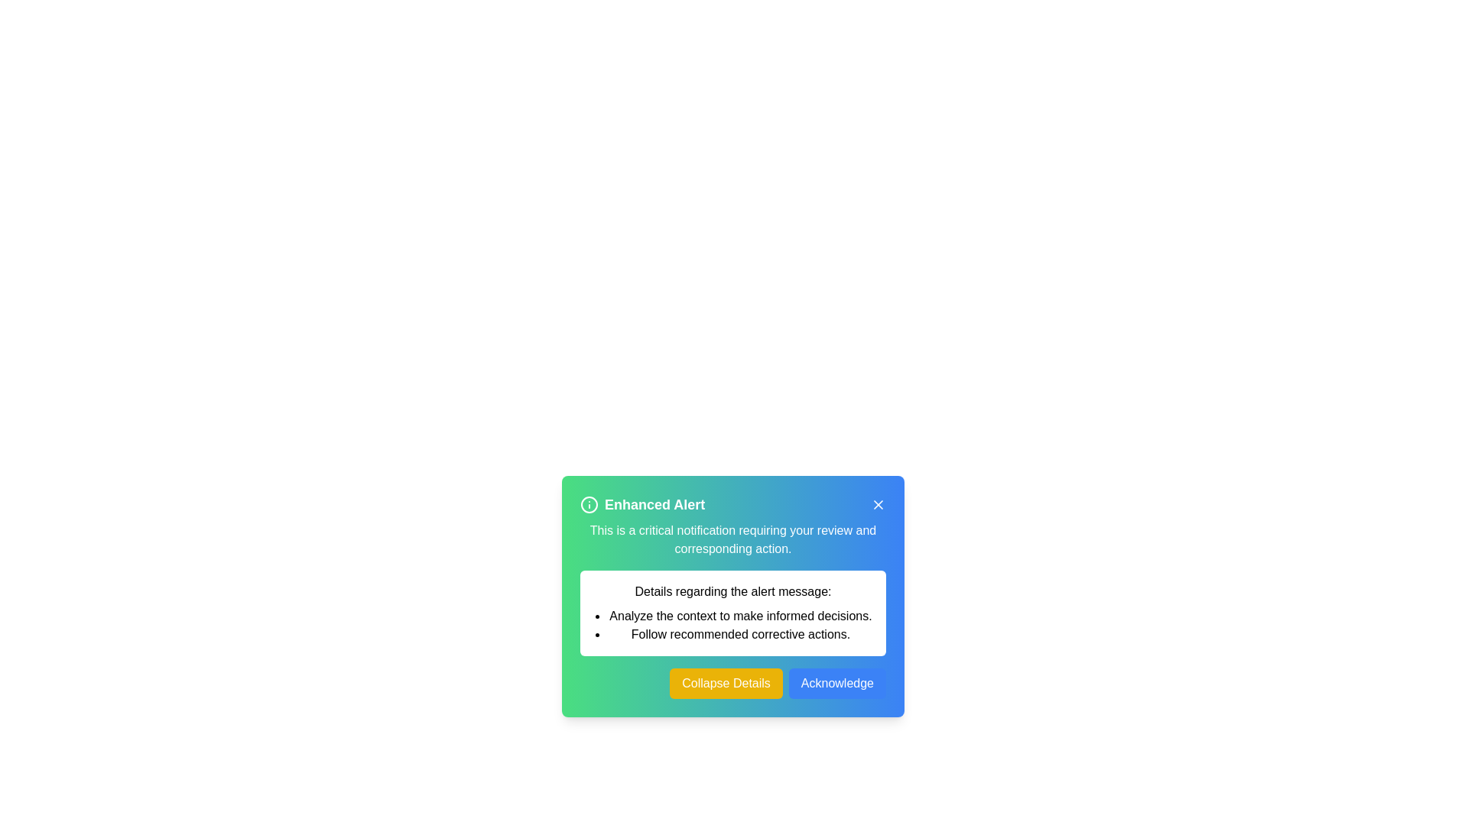 The width and height of the screenshot is (1468, 825). What do you see at coordinates (878, 504) in the screenshot?
I see `the close button/icon located at the top-right corner of the alert box to change its color and appearance` at bounding box center [878, 504].